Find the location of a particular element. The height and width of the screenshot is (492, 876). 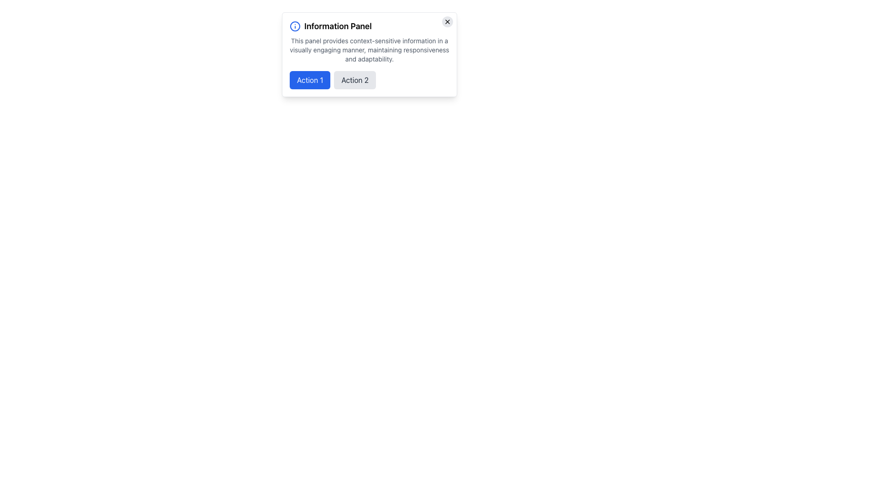

the outlined circular icon with a blue border resembling an 'info' symbol, located at the top-left corner of the 'Information Panel' to the immediate left of the text 'Information Panel' is located at coordinates (295, 26).